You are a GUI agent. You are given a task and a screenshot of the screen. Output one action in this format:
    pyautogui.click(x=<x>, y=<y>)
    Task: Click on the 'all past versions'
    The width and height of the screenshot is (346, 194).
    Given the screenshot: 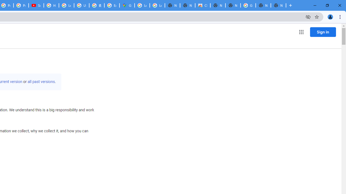 What is the action you would take?
    pyautogui.click(x=41, y=82)
    